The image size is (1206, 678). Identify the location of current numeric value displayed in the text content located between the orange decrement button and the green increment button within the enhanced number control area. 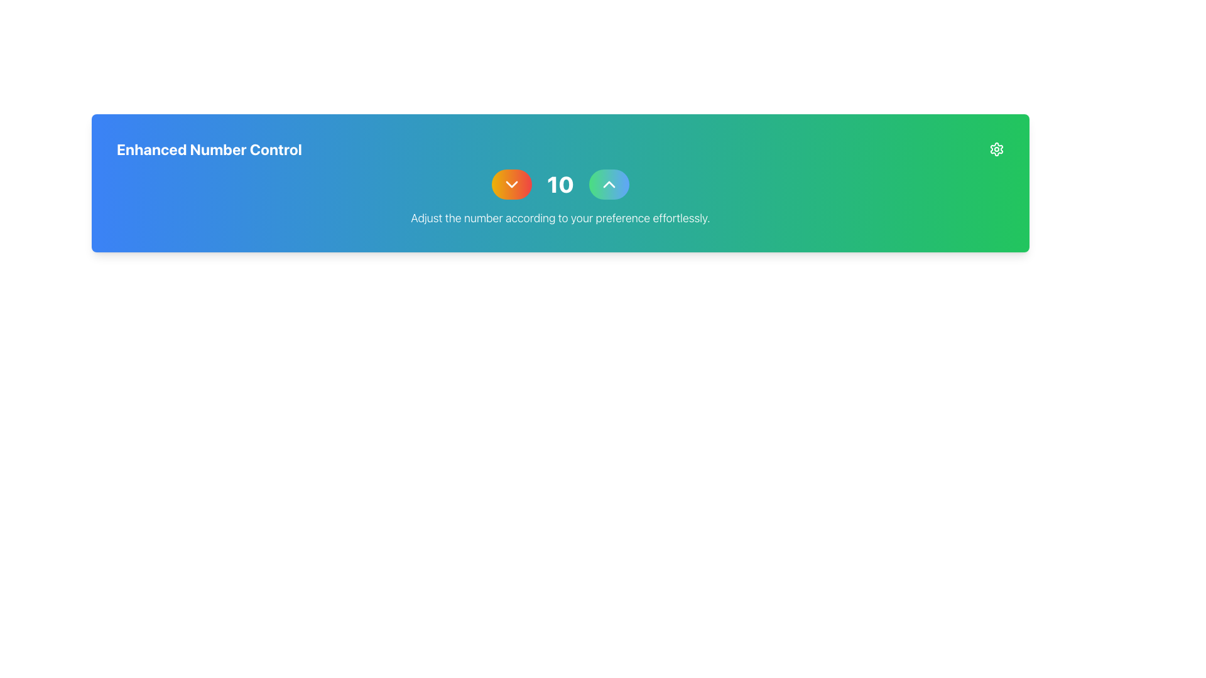
(560, 184).